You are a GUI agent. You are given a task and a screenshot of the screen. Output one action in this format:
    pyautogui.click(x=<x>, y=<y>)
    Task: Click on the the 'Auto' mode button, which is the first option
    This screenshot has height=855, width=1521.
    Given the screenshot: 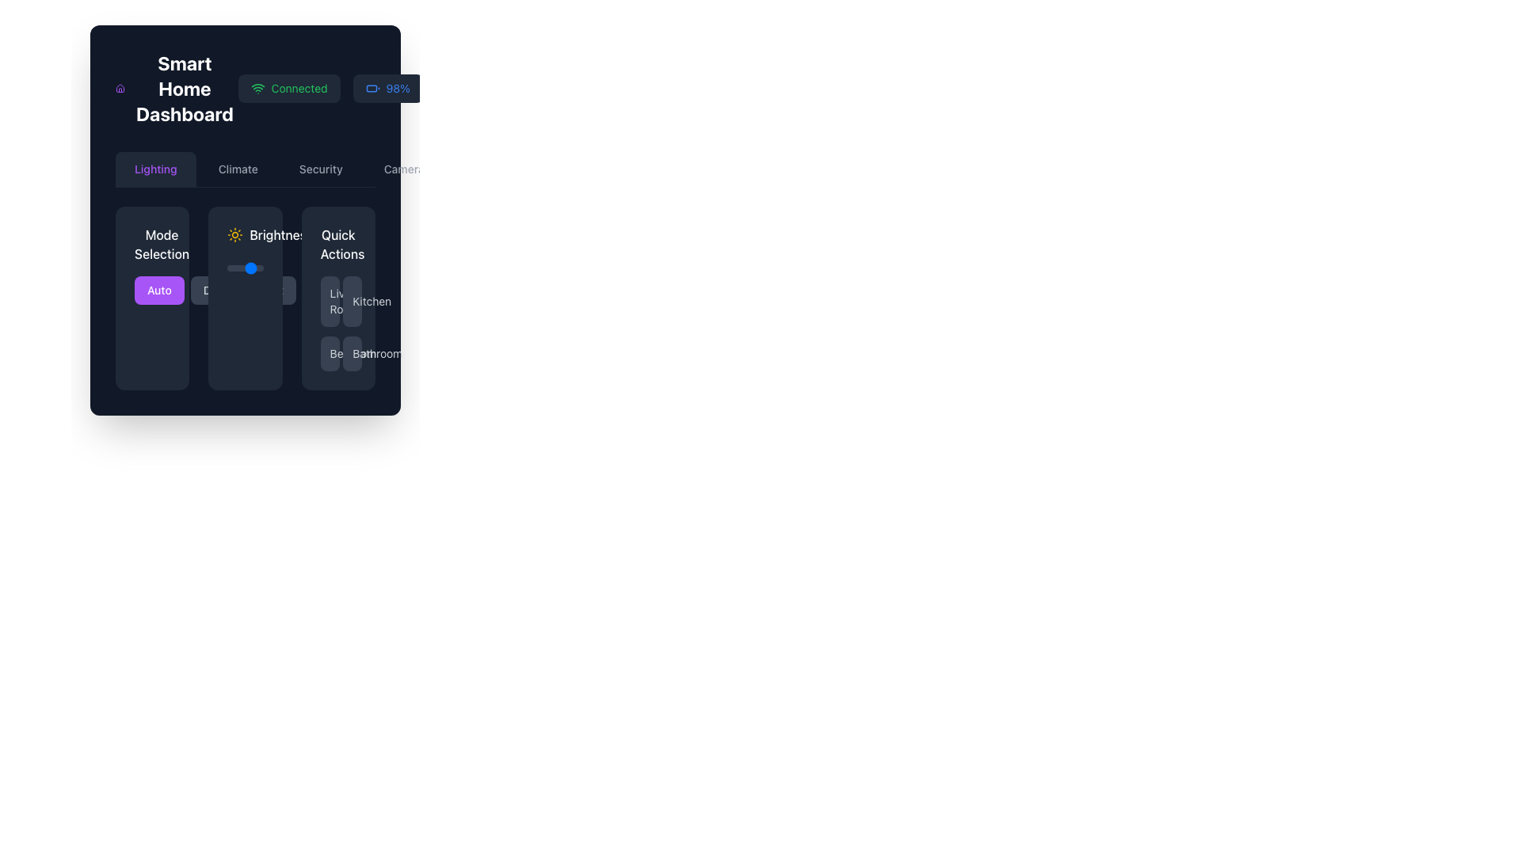 What is the action you would take?
    pyautogui.click(x=159, y=290)
    